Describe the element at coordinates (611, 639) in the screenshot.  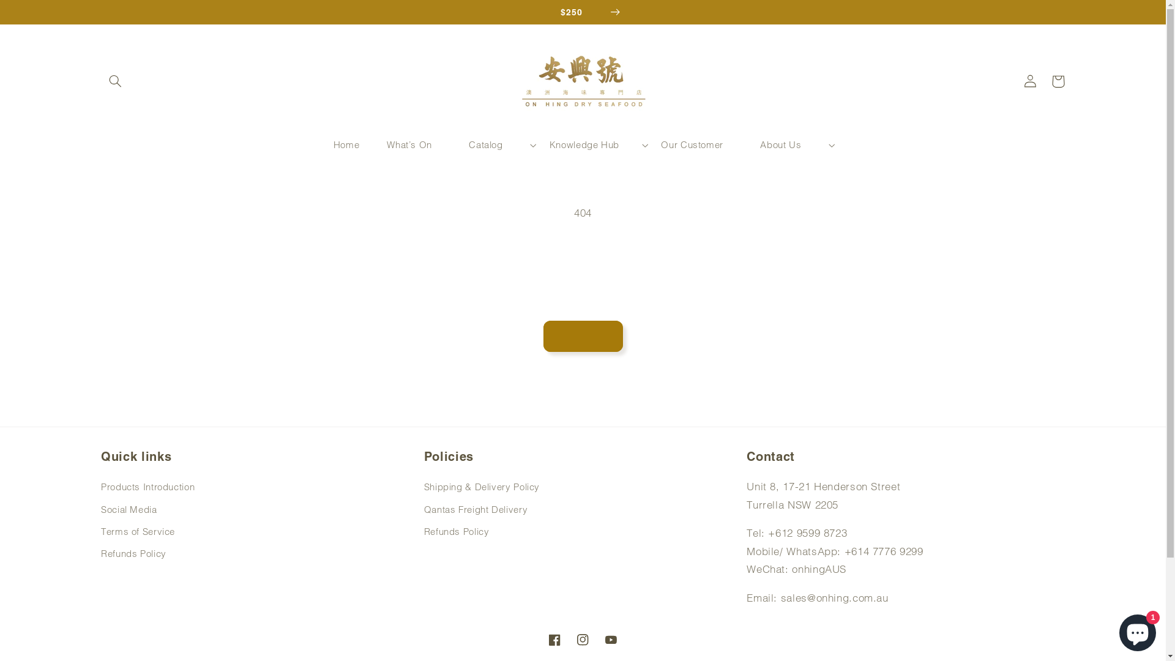
I see `'YouTube'` at that location.